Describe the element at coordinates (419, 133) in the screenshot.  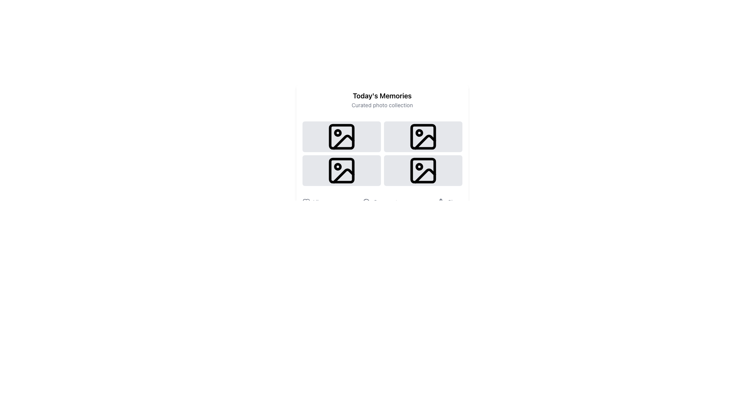
I see `the small circular icon located in the upper left corner of the third image in the right column of the image grid` at that location.